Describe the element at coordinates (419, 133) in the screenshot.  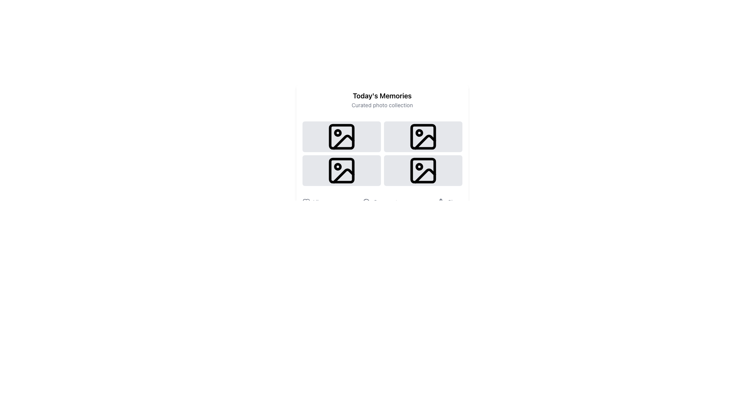
I see `the small circular icon located in the upper left corner of the third image in the right column of the image grid` at that location.